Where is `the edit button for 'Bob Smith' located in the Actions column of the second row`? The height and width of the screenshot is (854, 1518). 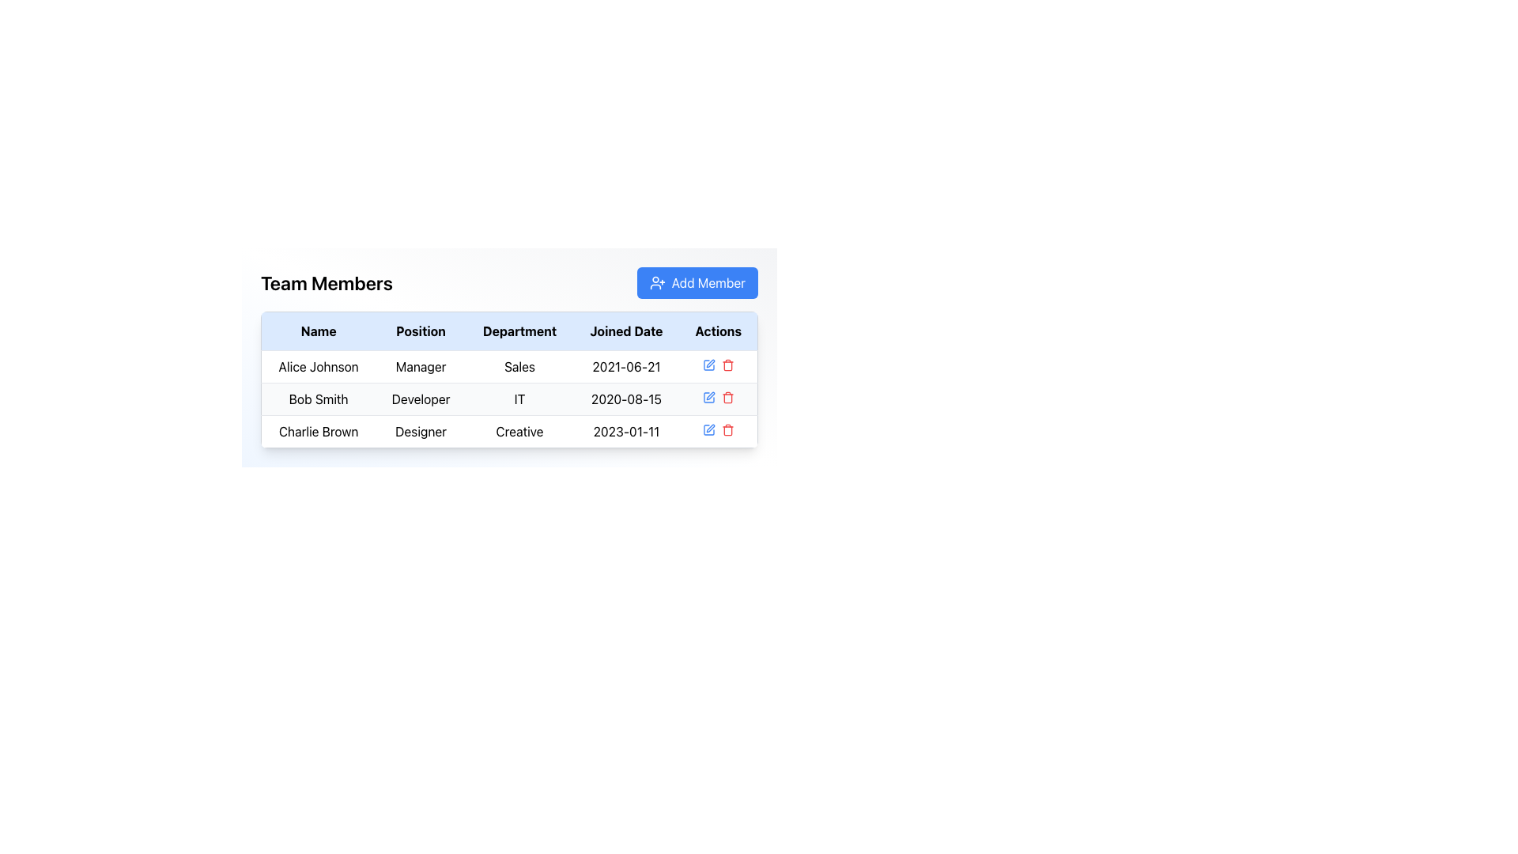 the edit button for 'Bob Smith' located in the Actions column of the second row is located at coordinates (708, 396).